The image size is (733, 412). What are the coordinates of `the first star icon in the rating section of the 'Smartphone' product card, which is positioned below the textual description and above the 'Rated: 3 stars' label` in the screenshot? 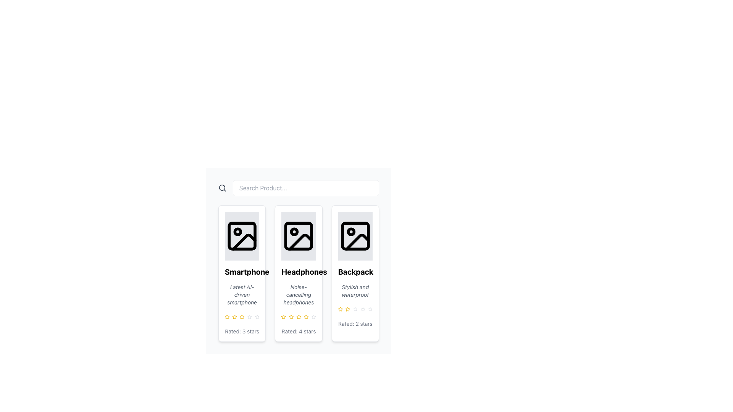 It's located at (226, 317).